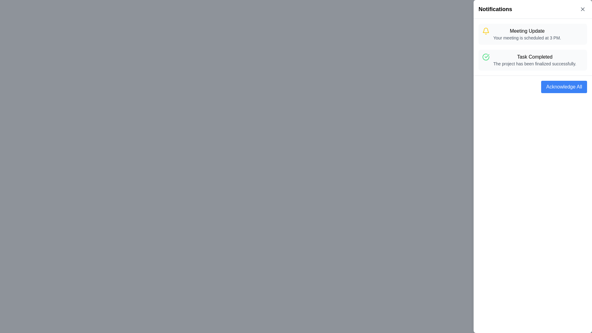  What do you see at coordinates (526, 34) in the screenshot?
I see `the notification about the upcoming meeting scheduled at 3 PM by clicking on the first notification card in the notification panel` at bounding box center [526, 34].